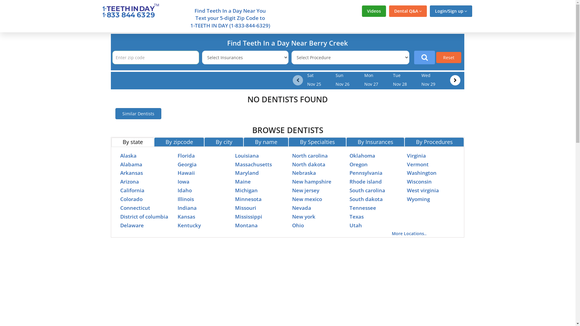 This screenshot has width=580, height=326. What do you see at coordinates (246, 190) in the screenshot?
I see `'Michigan'` at bounding box center [246, 190].